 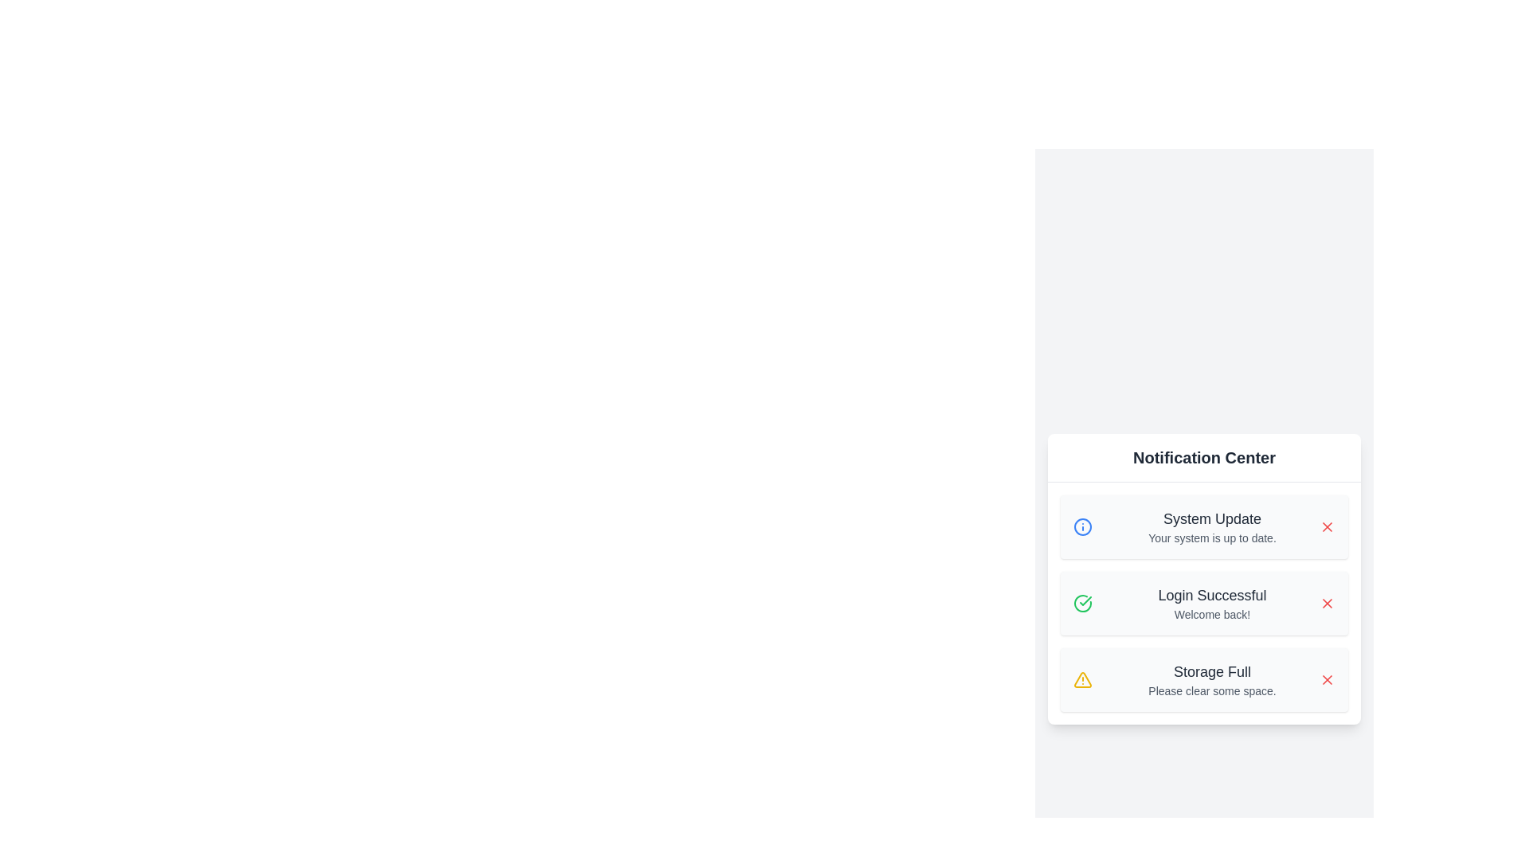 I want to click on the alert icon indicating 'Storage Full' in the third notification item of the Notification Center, so click(x=1082, y=679).